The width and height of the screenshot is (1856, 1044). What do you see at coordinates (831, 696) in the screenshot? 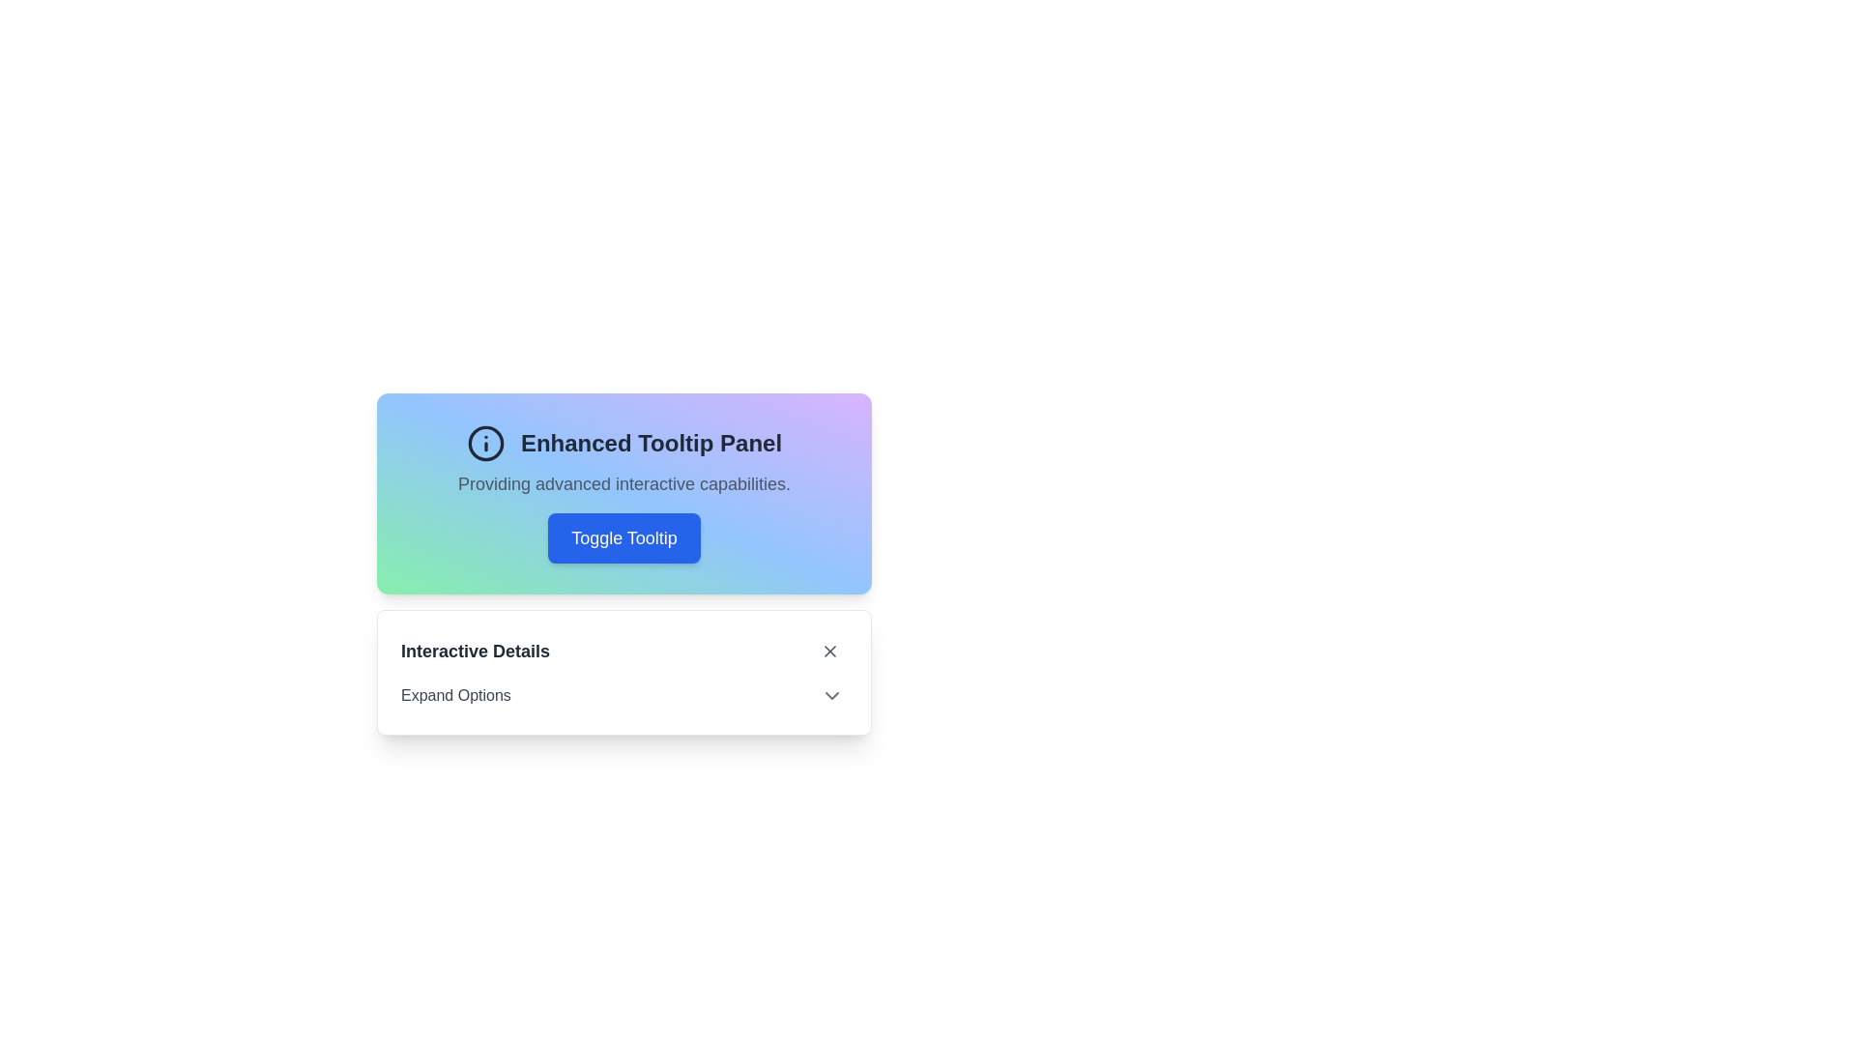
I see `the downward-pointing chevron icon of the Dropdown Trigger located at the right end of the 'Expand Options' row` at bounding box center [831, 696].